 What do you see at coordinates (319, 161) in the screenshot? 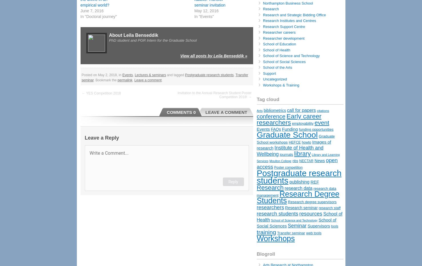
I see `'News'` at bounding box center [319, 161].